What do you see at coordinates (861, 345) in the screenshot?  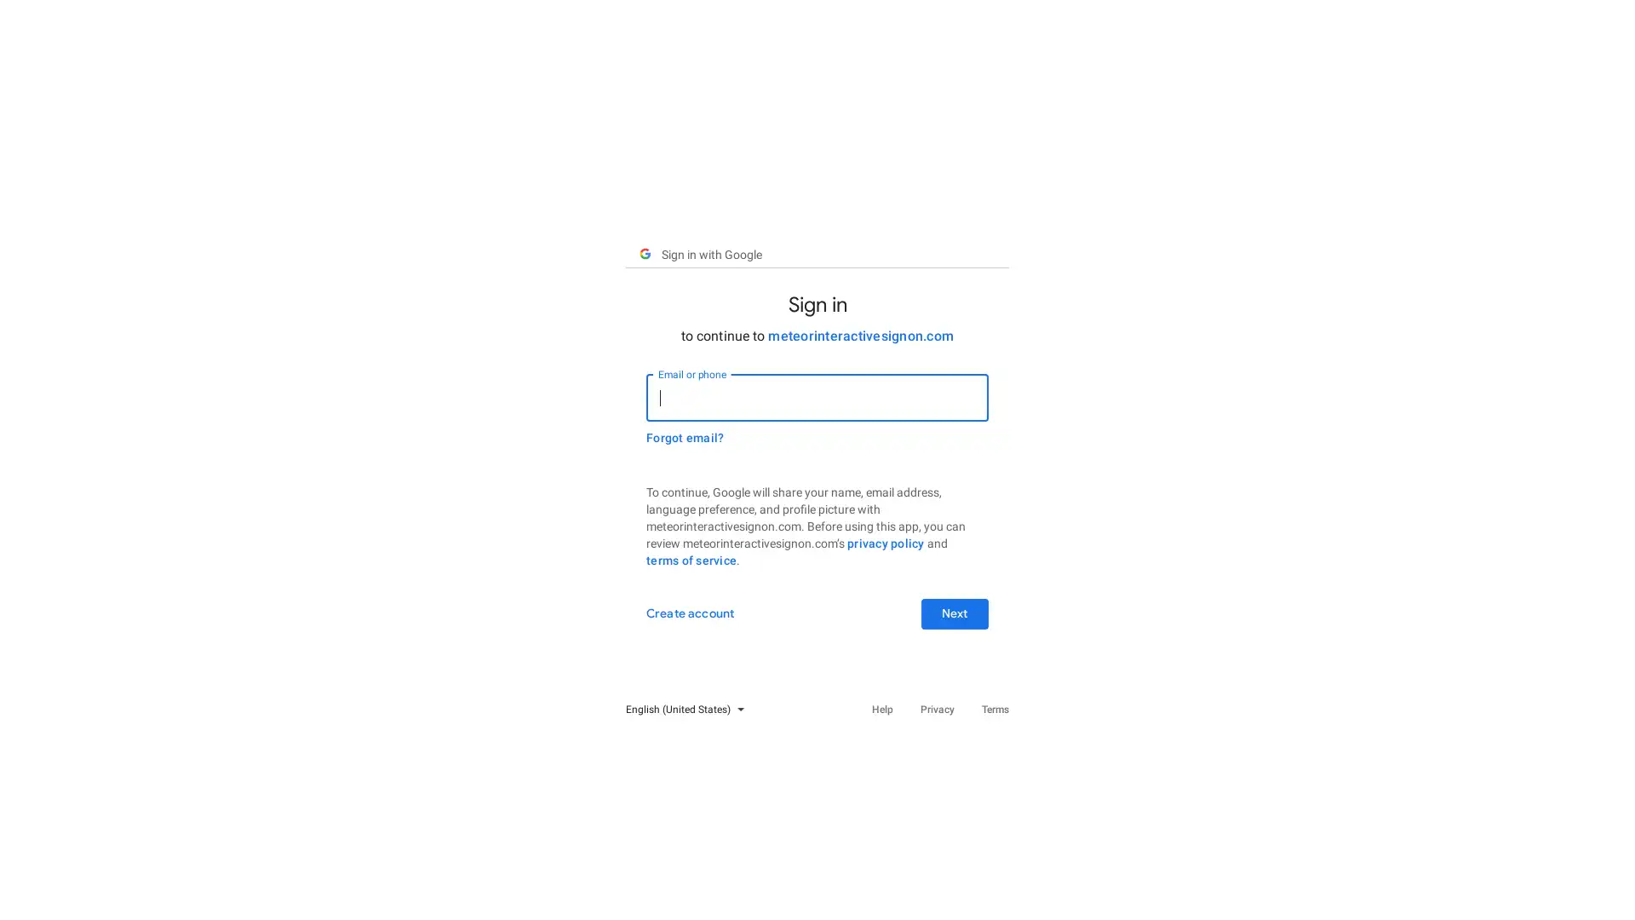 I see `meteorinteractivesignon.com` at bounding box center [861, 345].